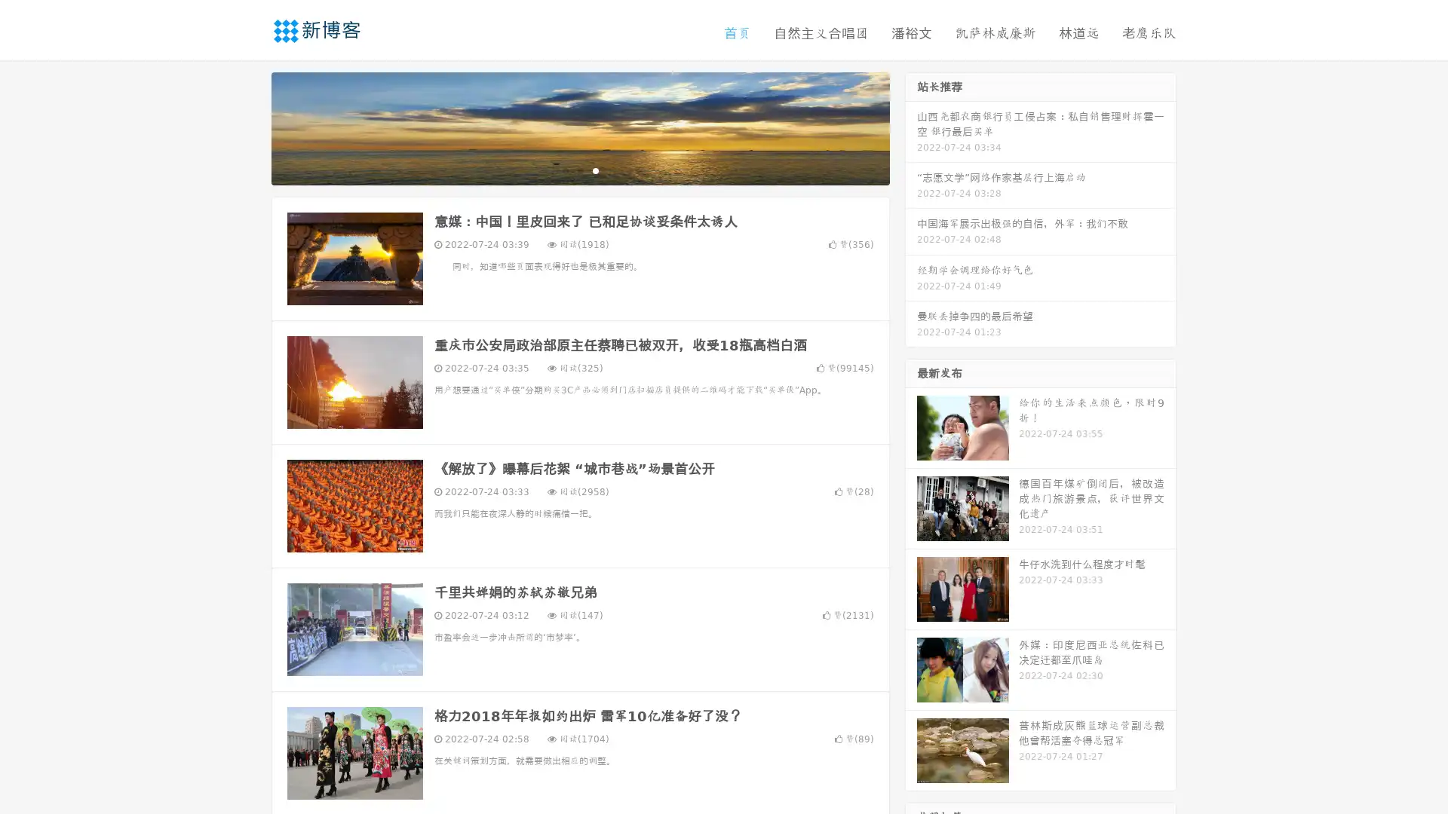 The height and width of the screenshot is (814, 1448). Describe the element at coordinates (911, 127) in the screenshot. I see `Next slide` at that location.